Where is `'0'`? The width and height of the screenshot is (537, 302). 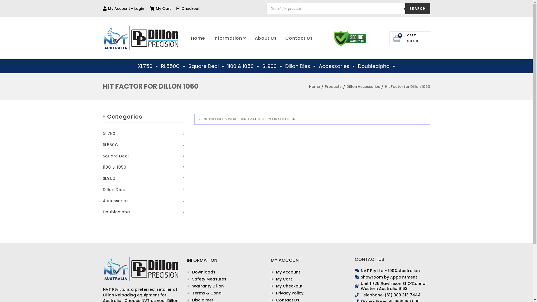 '0' is located at coordinates (397, 39).